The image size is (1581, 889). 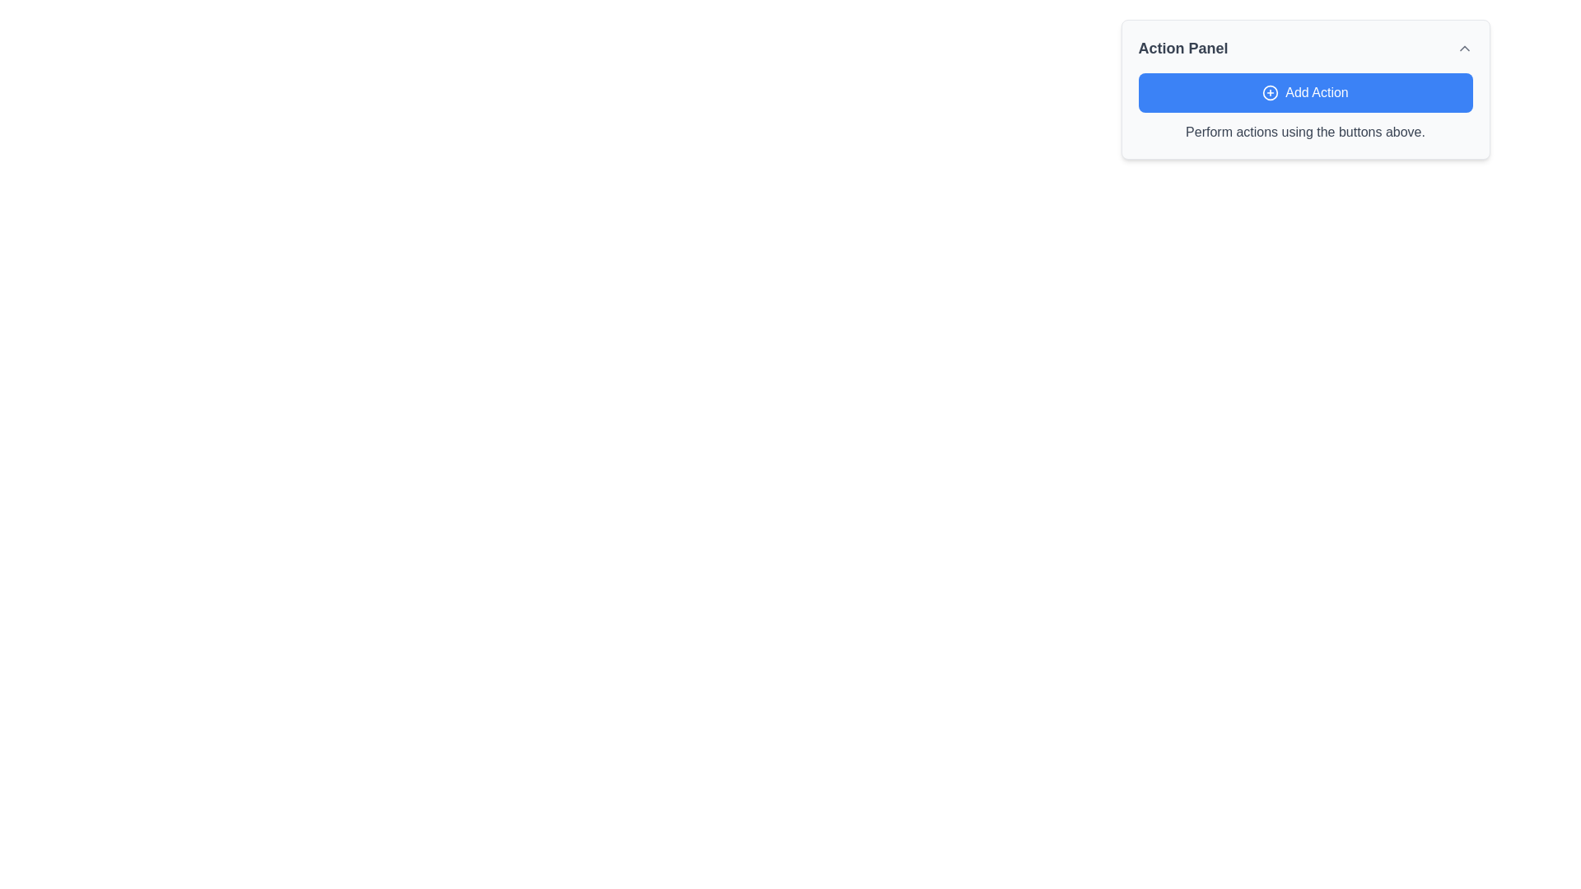 What do you see at coordinates (1304, 132) in the screenshot?
I see `the text element displaying the message 'Perform actions using the buttons above.' which is located below the 'Add Action' button and is centered in gray font` at bounding box center [1304, 132].